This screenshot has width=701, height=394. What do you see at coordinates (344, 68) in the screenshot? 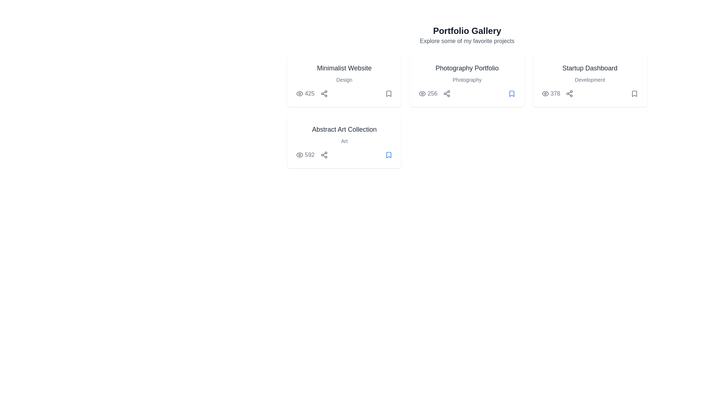
I see `title label of the card located at the top-left of the four card layout, which identifies the project or entity represented by the card` at bounding box center [344, 68].